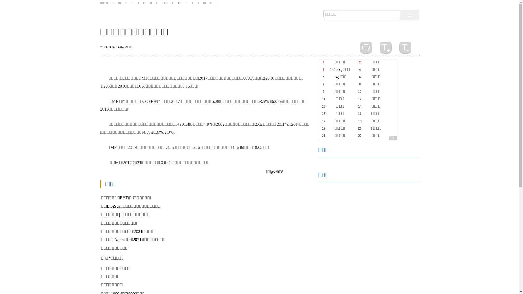  What do you see at coordinates (179, 3) in the screenshot?
I see `'IT'` at bounding box center [179, 3].